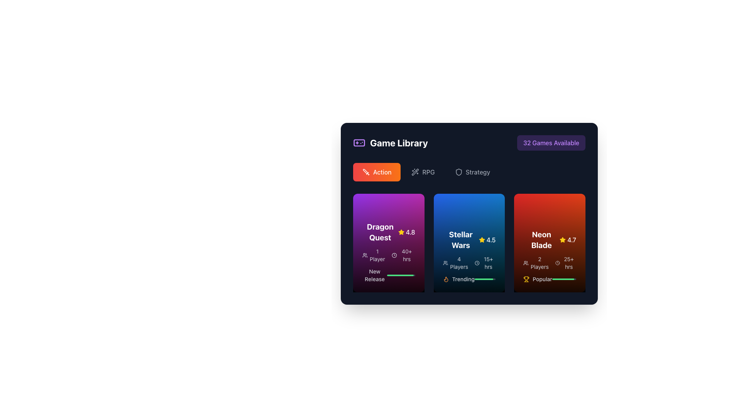 Image resolution: width=741 pixels, height=416 pixels. Describe the element at coordinates (458, 172) in the screenshot. I see `the visual state of the shield-shaped icon outlined with a light color on a dark background, located at the top left corner of the dashboard near the 'Game Library' text` at that location.